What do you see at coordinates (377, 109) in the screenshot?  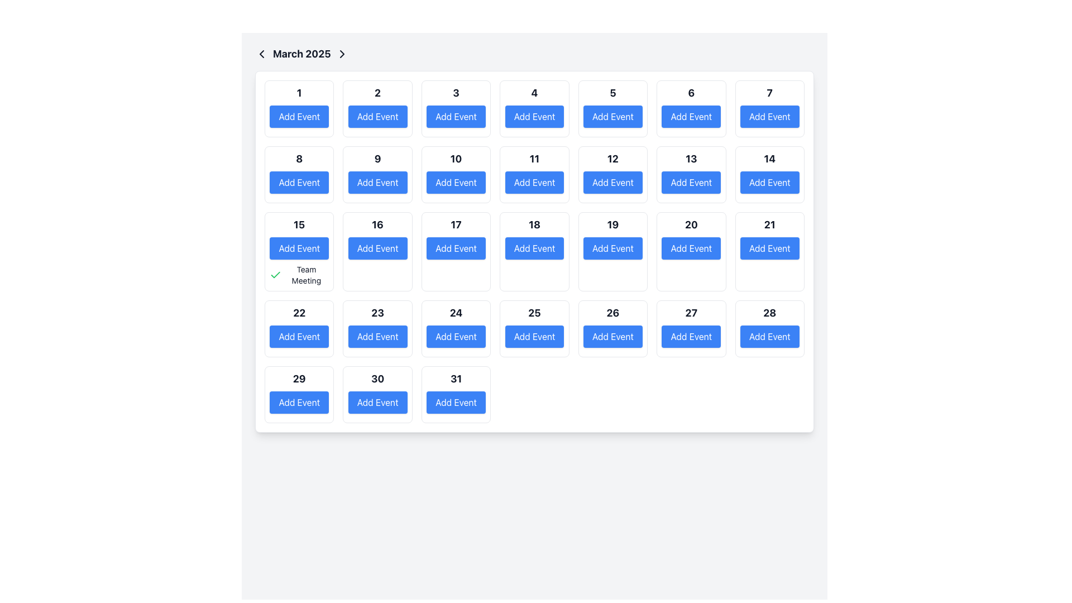 I see `the Composite component containing the bold number '2' and the blue button labeled 'Add Event' for keyboard interaction` at bounding box center [377, 109].